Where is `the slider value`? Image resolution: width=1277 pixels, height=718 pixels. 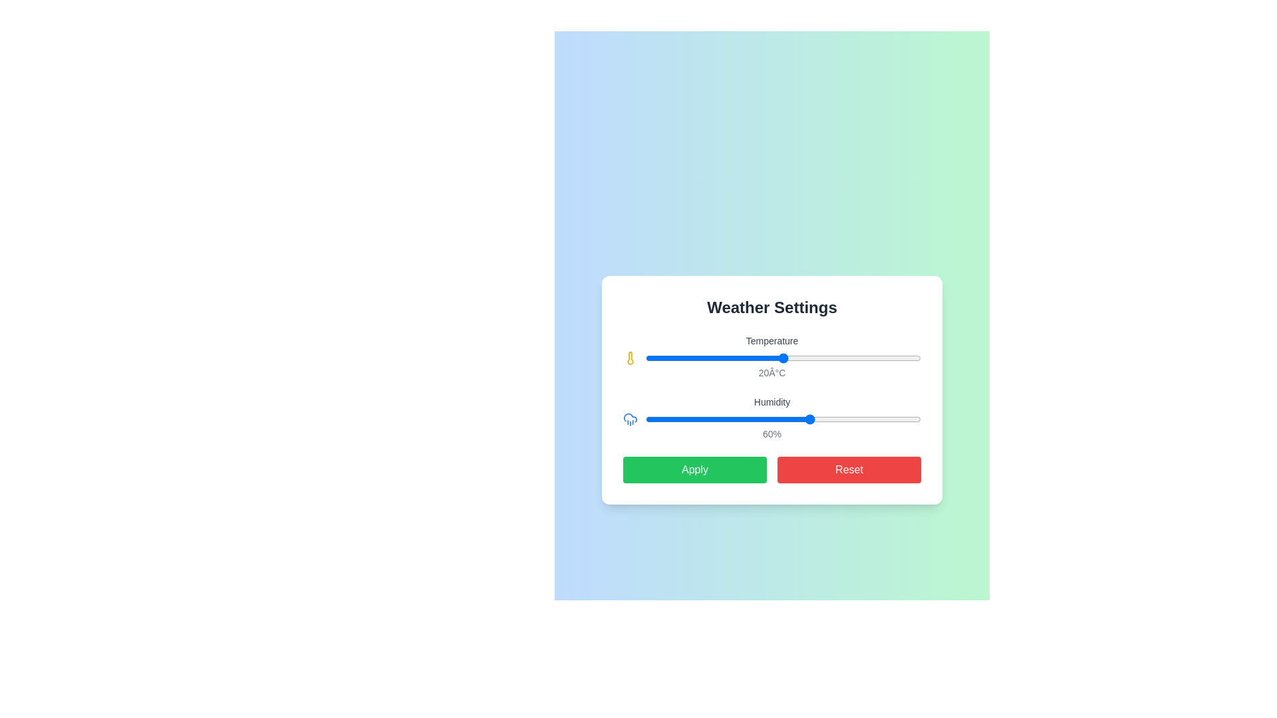 the slider value is located at coordinates (871, 419).